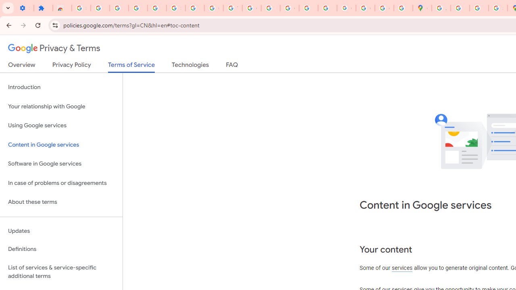  I want to click on 'services', so click(402, 268).